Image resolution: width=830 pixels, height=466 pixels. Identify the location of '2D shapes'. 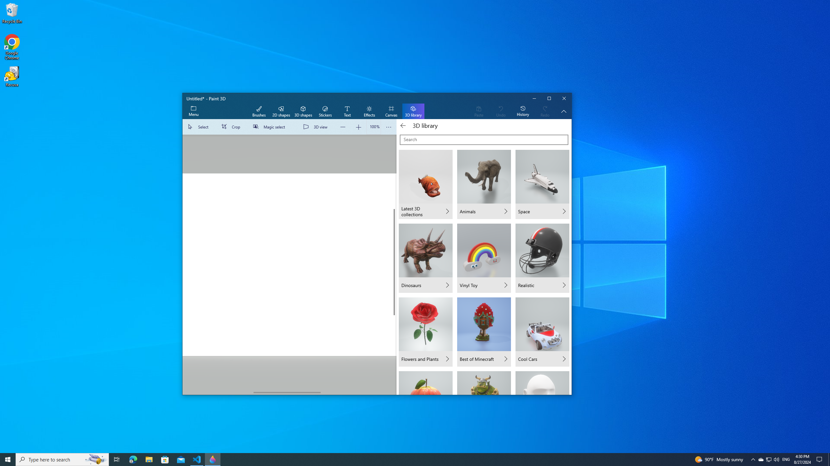
(280, 111).